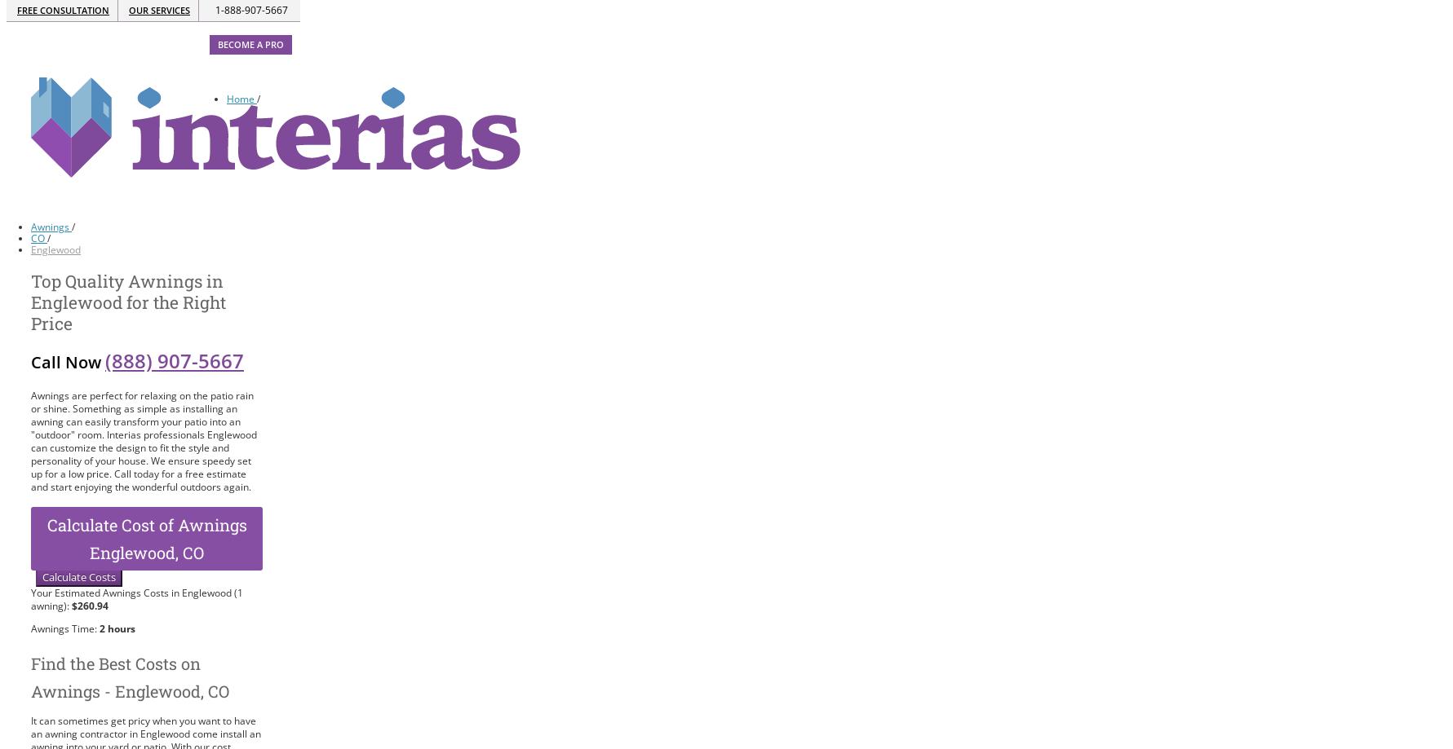 This screenshot has height=749, width=1453. What do you see at coordinates (50, 226) in the screenshot?
I see `'Awnings'` at bounding box center [50, 226].